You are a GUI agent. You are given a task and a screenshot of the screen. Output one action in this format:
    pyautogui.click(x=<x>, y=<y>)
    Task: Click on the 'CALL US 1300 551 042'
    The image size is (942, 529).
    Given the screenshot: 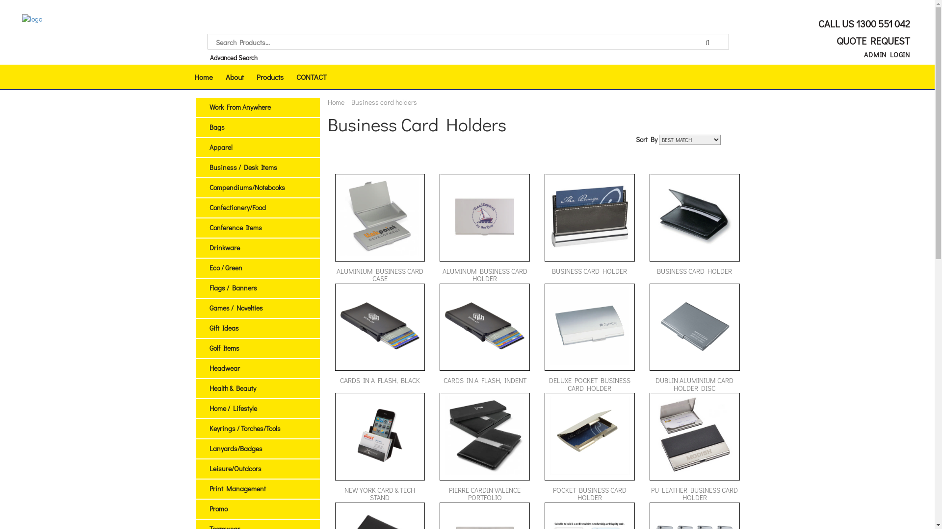 What is the action you would take?
    pyautogui.click(x=862, y=23)
    